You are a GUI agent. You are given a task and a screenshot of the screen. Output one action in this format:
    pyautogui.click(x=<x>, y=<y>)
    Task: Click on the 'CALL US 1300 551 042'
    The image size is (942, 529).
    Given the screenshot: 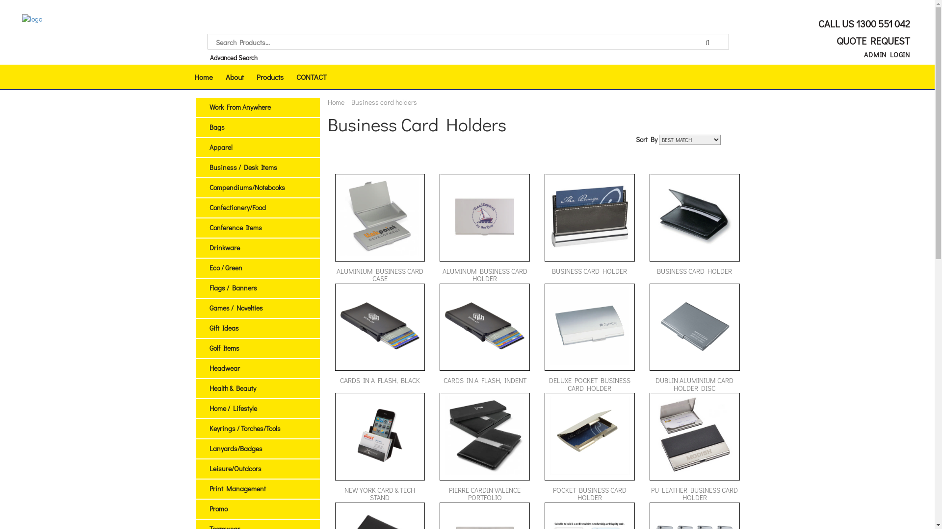 What is the action you would take?
    pyautogui.click(x=862, y=23)
    